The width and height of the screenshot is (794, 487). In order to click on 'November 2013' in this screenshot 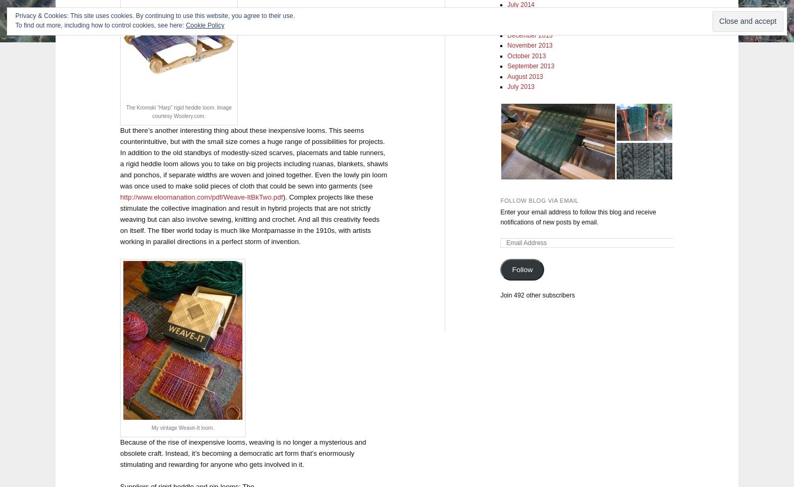, I will do `click(529, 46)`.